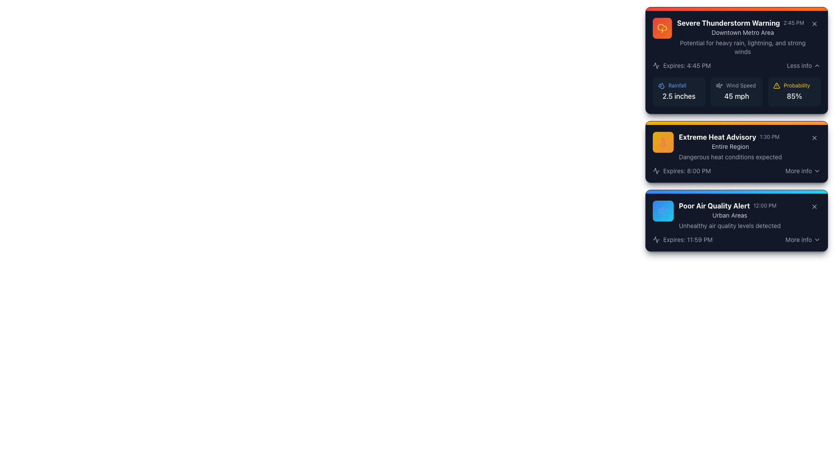 This screenshot has width=835, height=470. I want to click on the static text label that describes the wind speed data, located in the middle column of the second row, between an icon and numerical data, so click(740, 85).